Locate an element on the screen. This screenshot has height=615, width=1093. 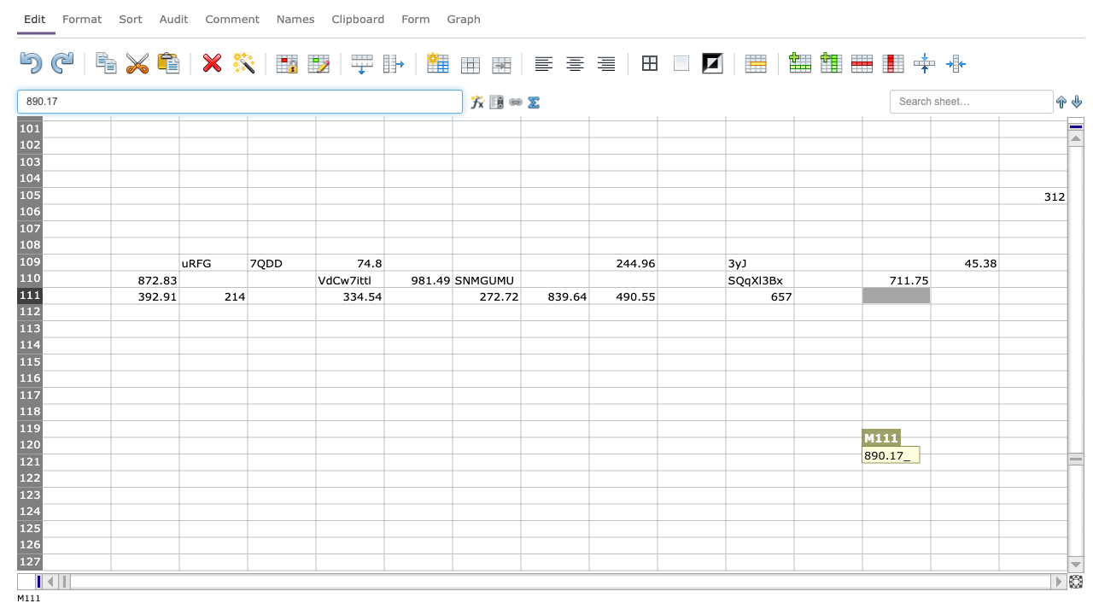
column N row 121 is located at coordinates (964, 462).